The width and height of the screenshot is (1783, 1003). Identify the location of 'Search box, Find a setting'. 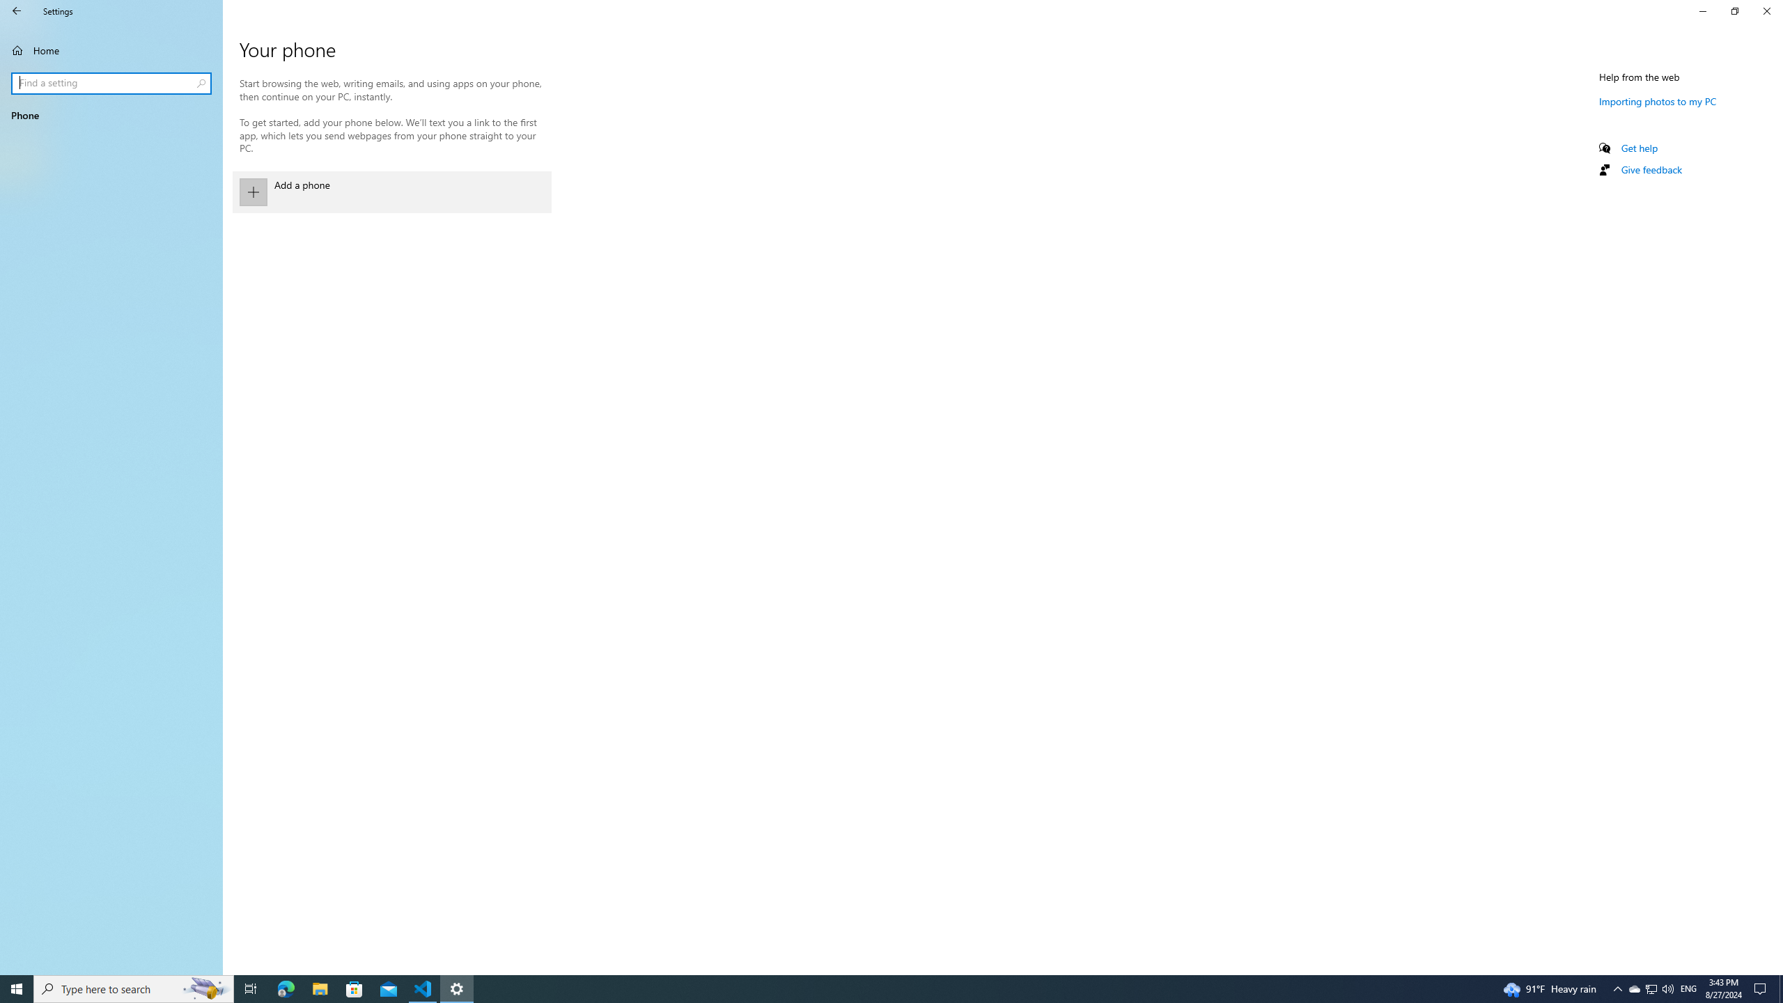
(111, 82).